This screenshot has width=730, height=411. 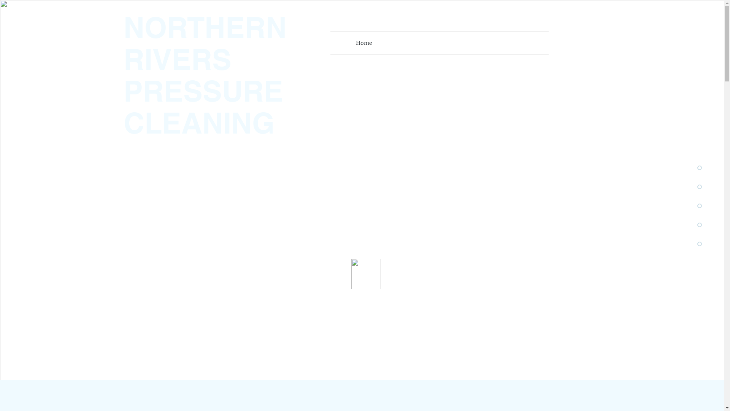 I want to click on 'Quote', so click(x=514, y=43).